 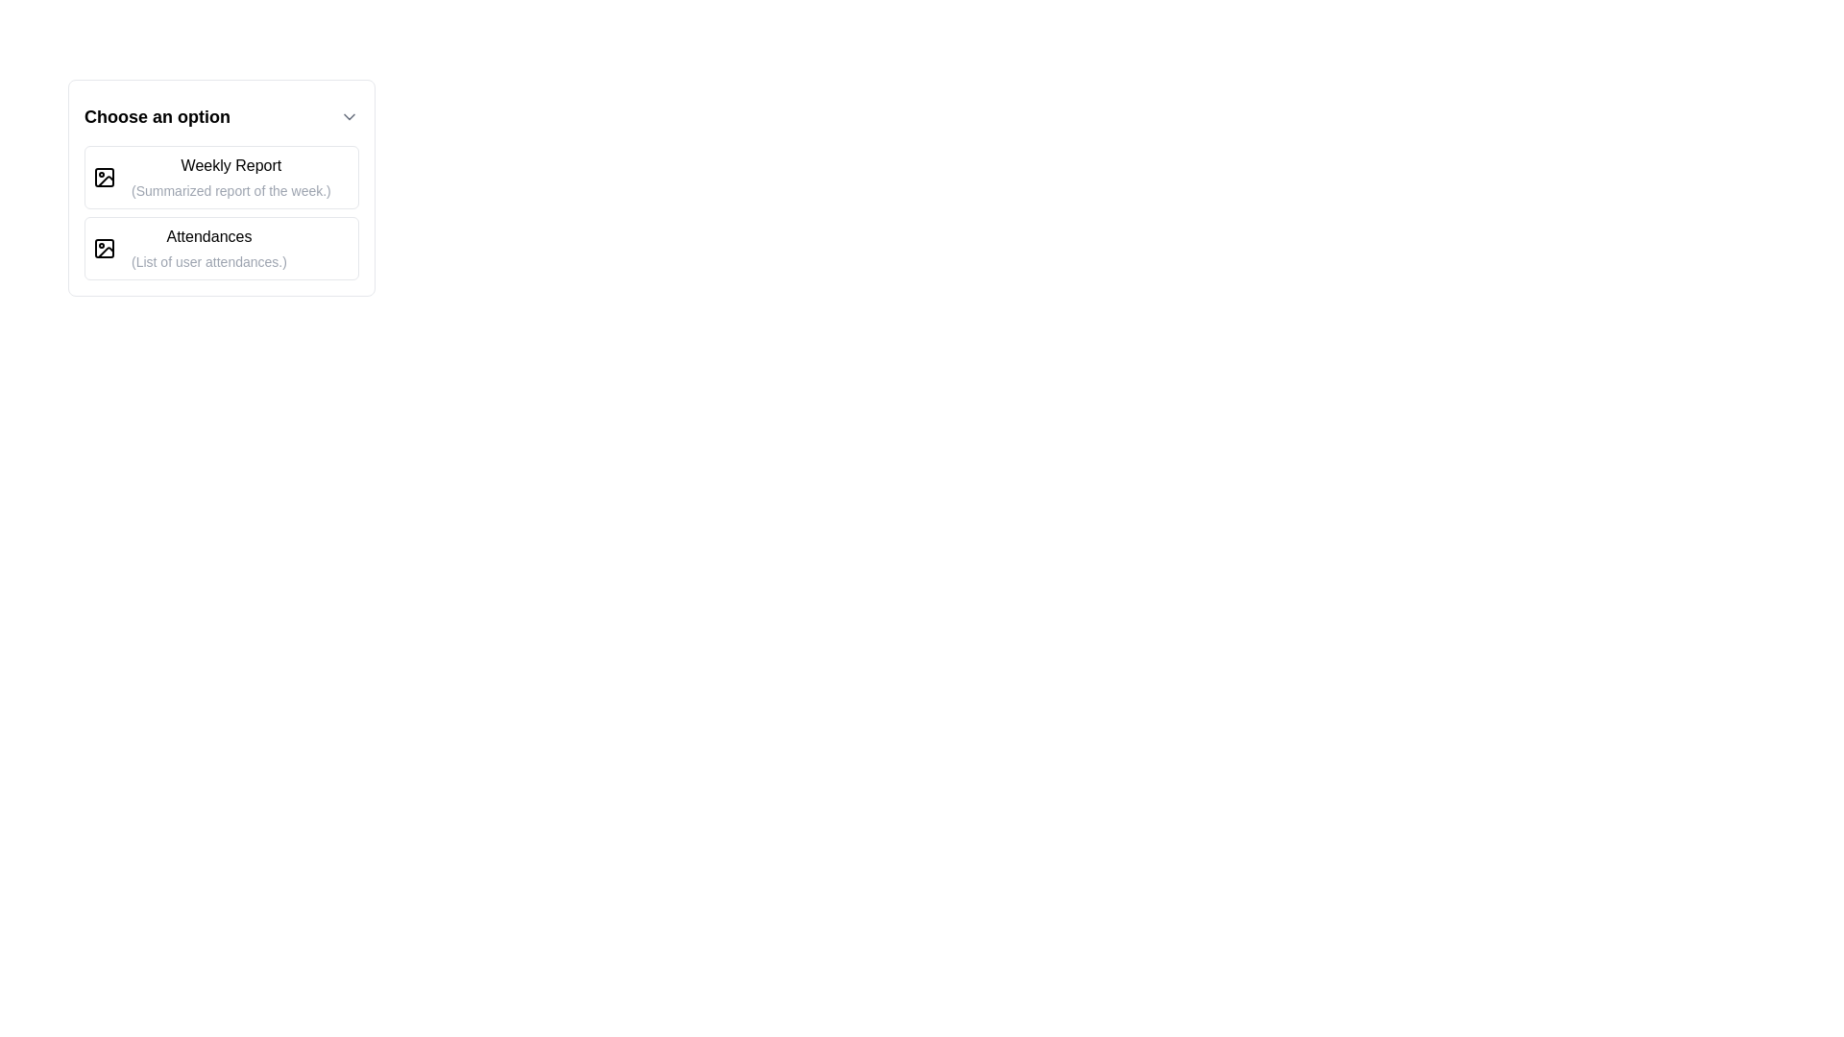 I want to click on text label indicating user attendance, located below the 'Weekly Report' entry and above the descriptive subtext '(List of user attendances.)', so click(x=208, y=235).